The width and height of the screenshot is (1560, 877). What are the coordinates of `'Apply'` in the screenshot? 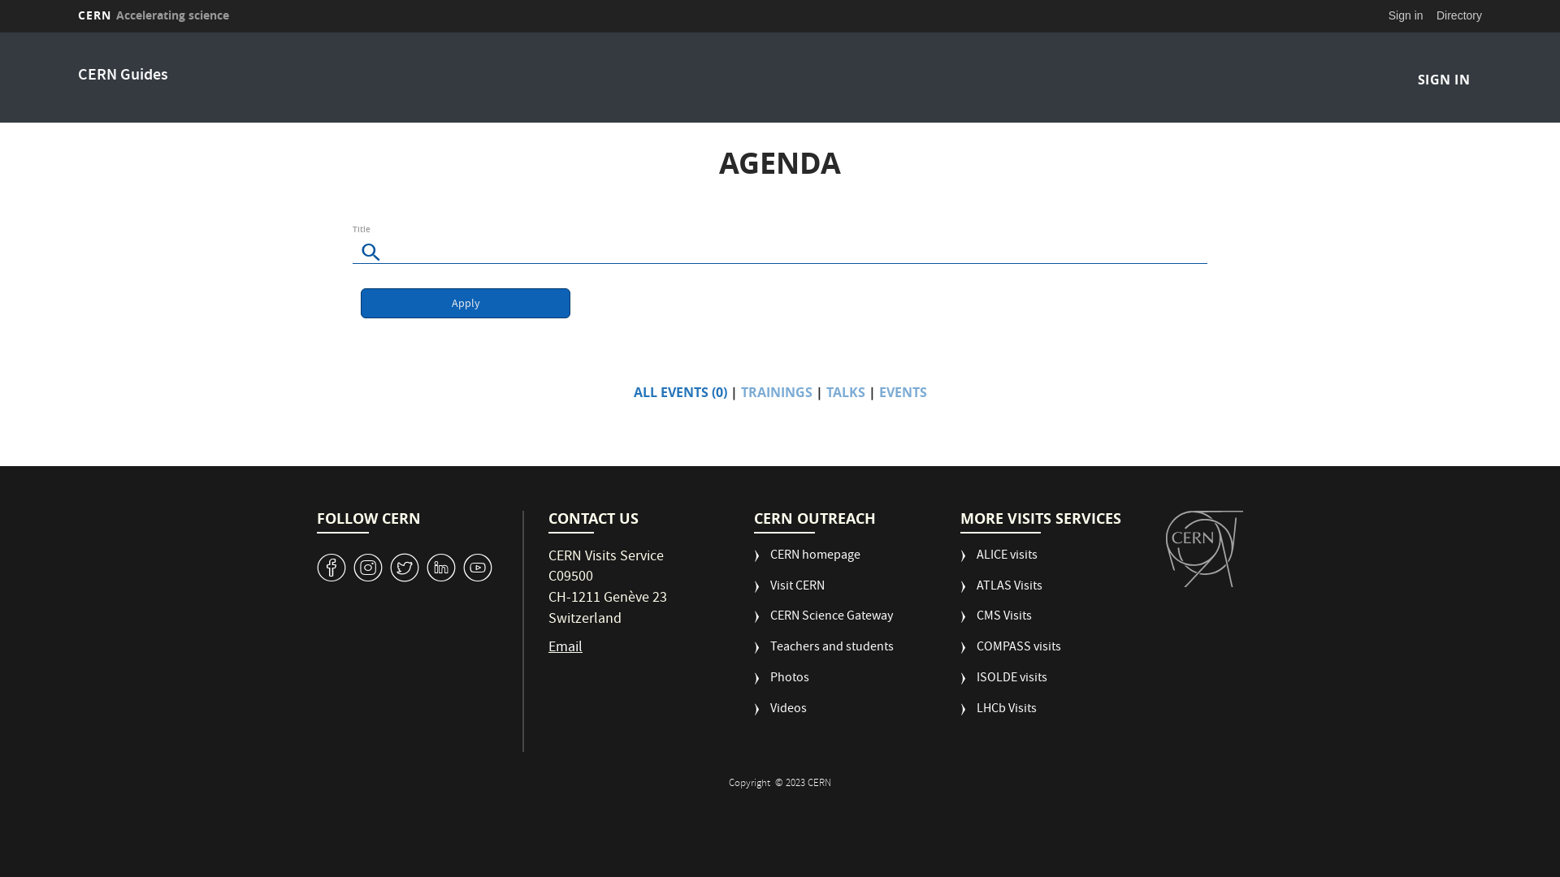 It's located at (464, 303).